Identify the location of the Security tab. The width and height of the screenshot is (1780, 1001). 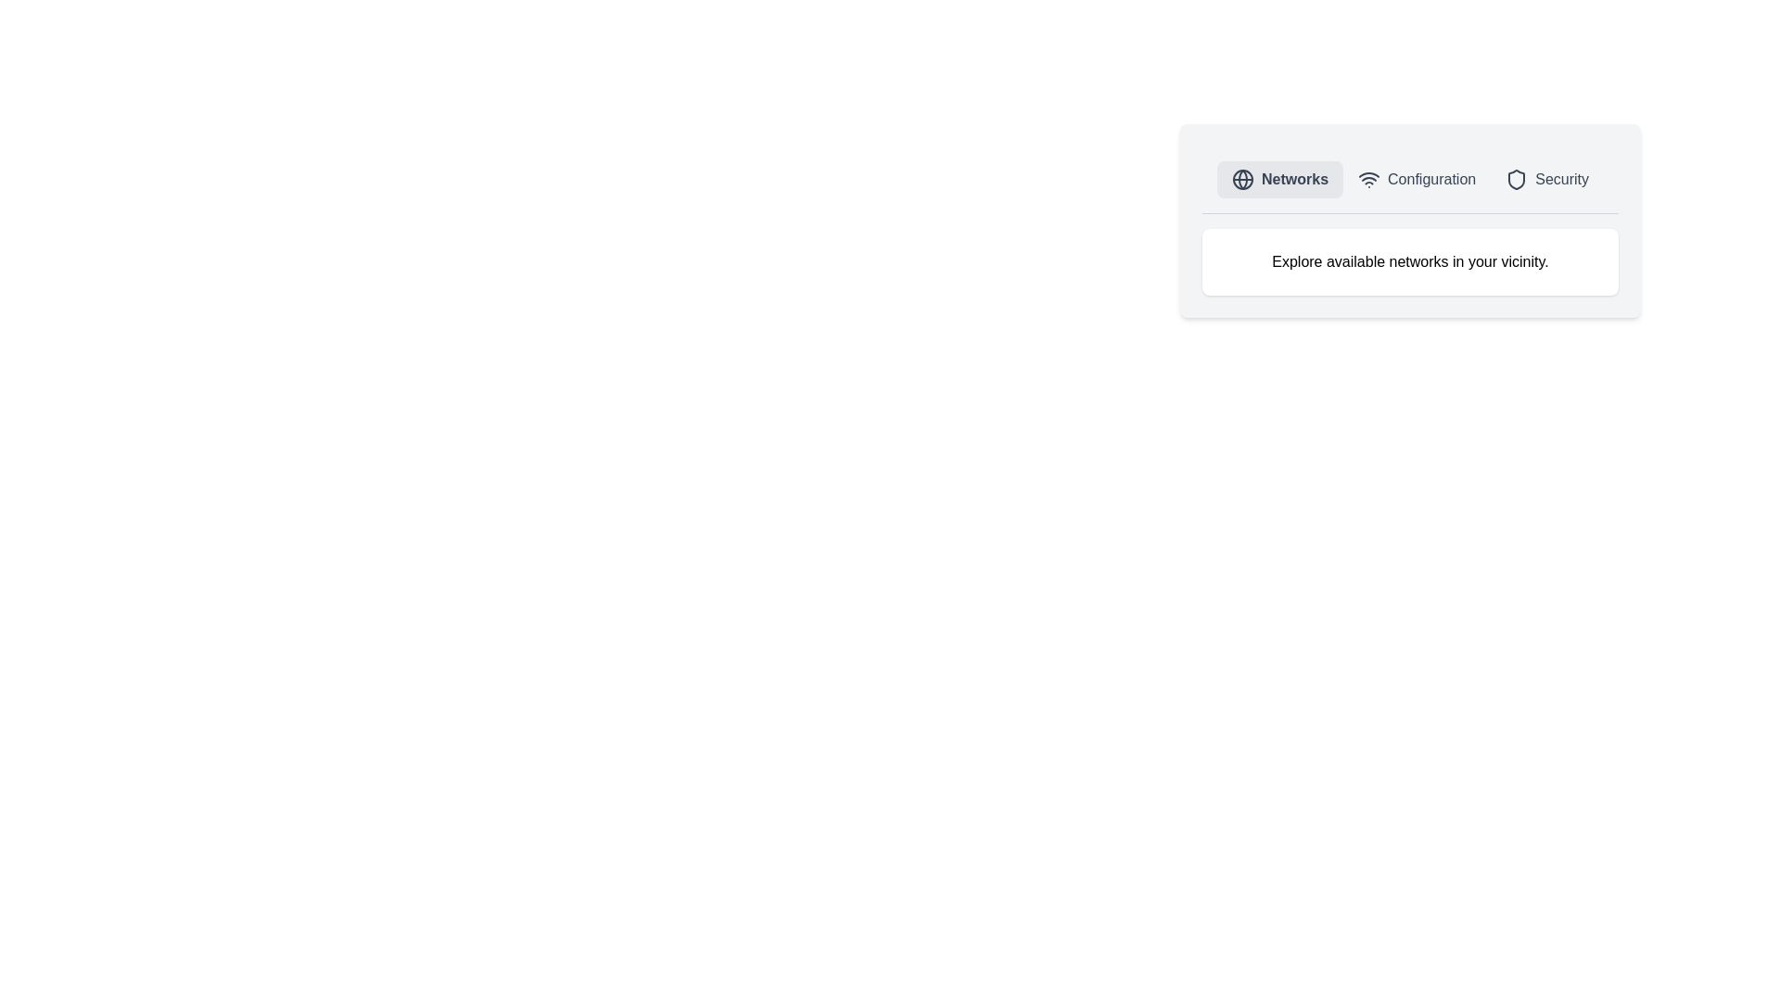
(1547, 179).